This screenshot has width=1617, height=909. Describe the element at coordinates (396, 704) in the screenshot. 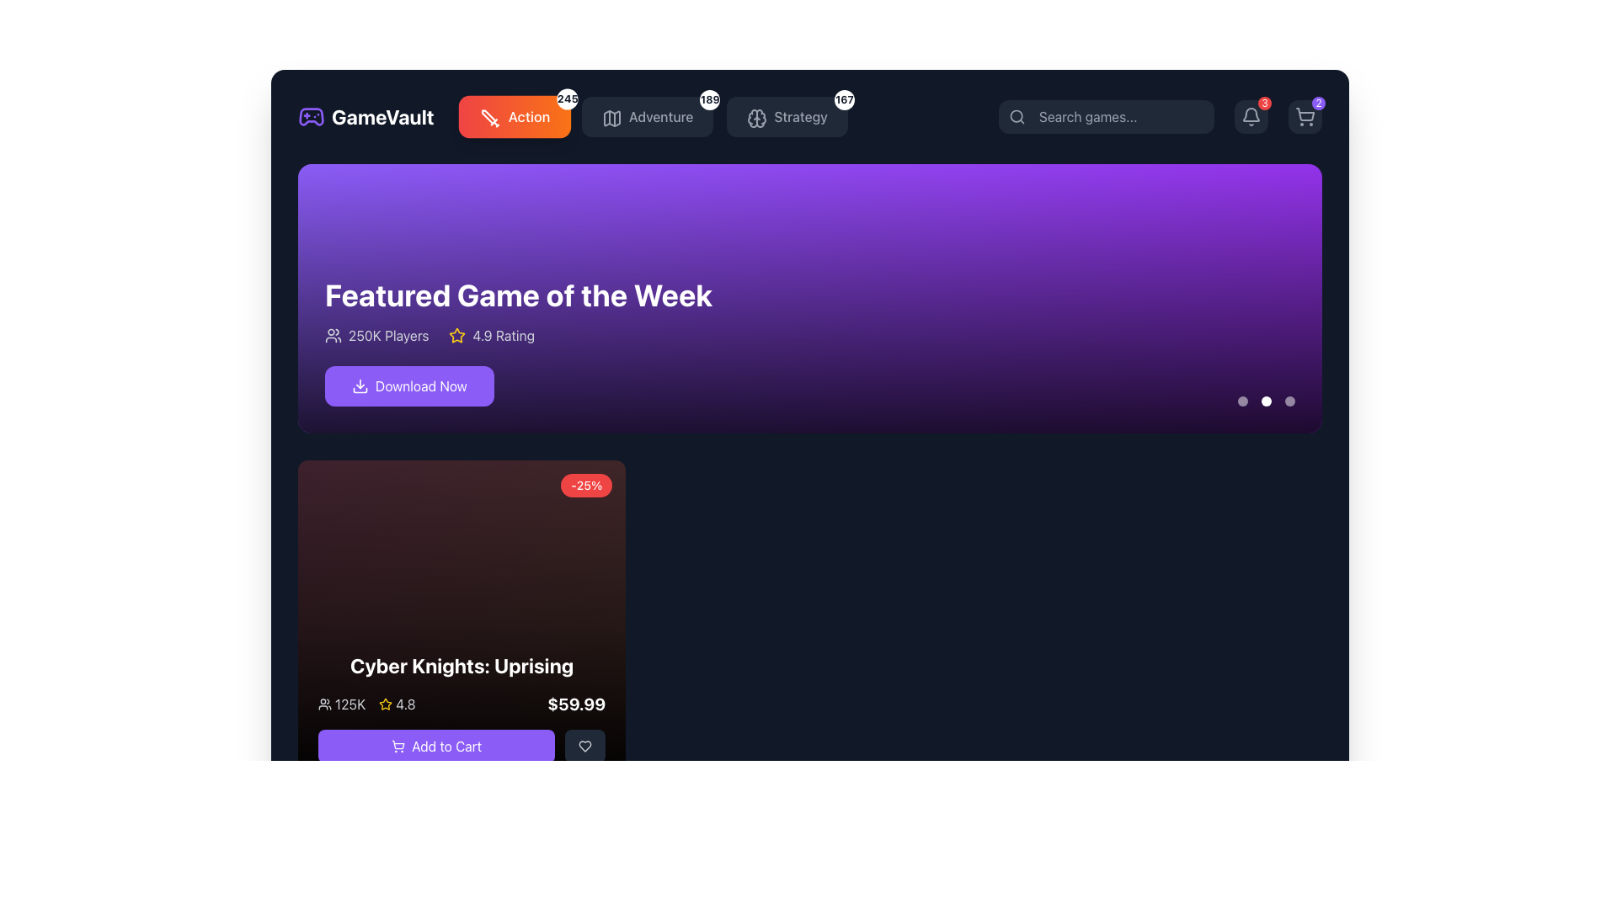

I see `the yellow star icon in the rating composite element displaying '4.8' located in the lower section of the game details card` at that location.